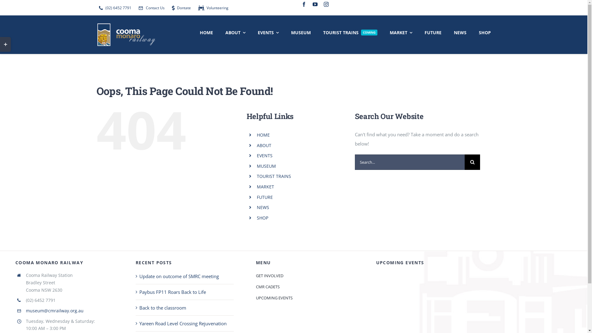 Image resolution: width=592 pixels, height=333 pixels. What do you see at coordinates (291, 32) in the screenshot?
I see `'MUSEUM'` at bounding box center [291, 32].